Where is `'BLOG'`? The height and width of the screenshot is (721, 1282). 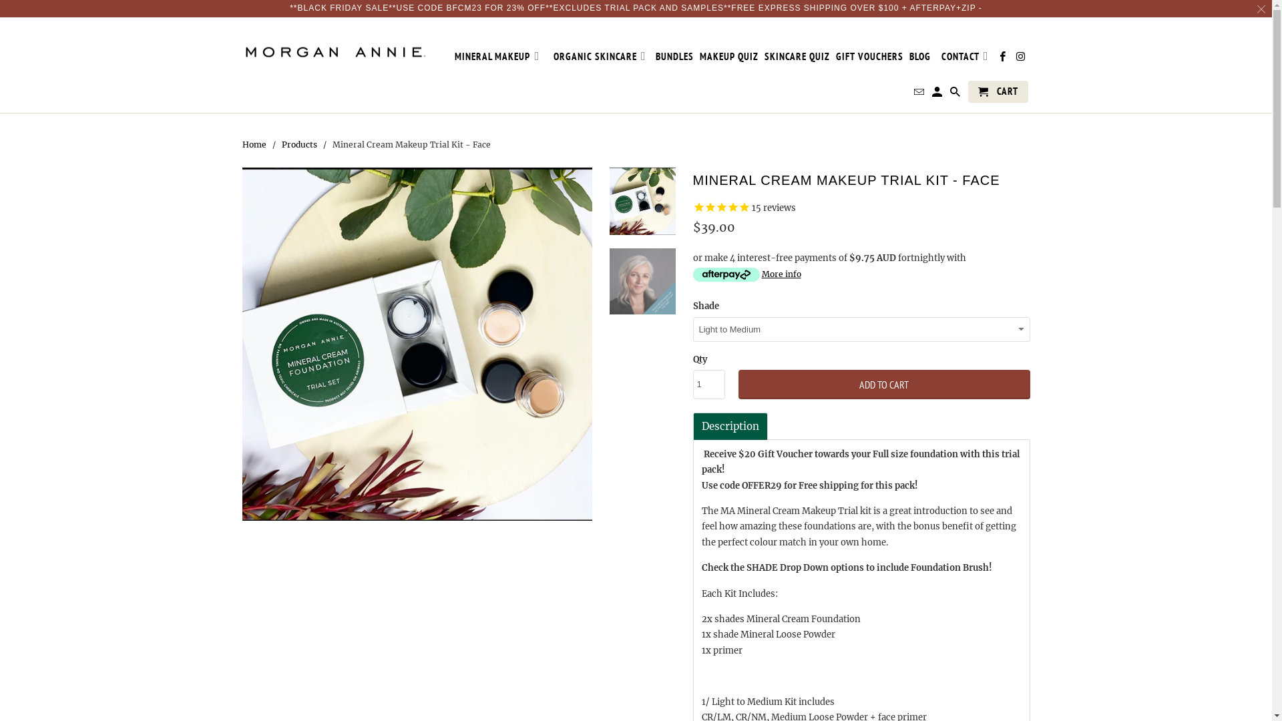 'BLOG' is located at coordinates (909, 58).